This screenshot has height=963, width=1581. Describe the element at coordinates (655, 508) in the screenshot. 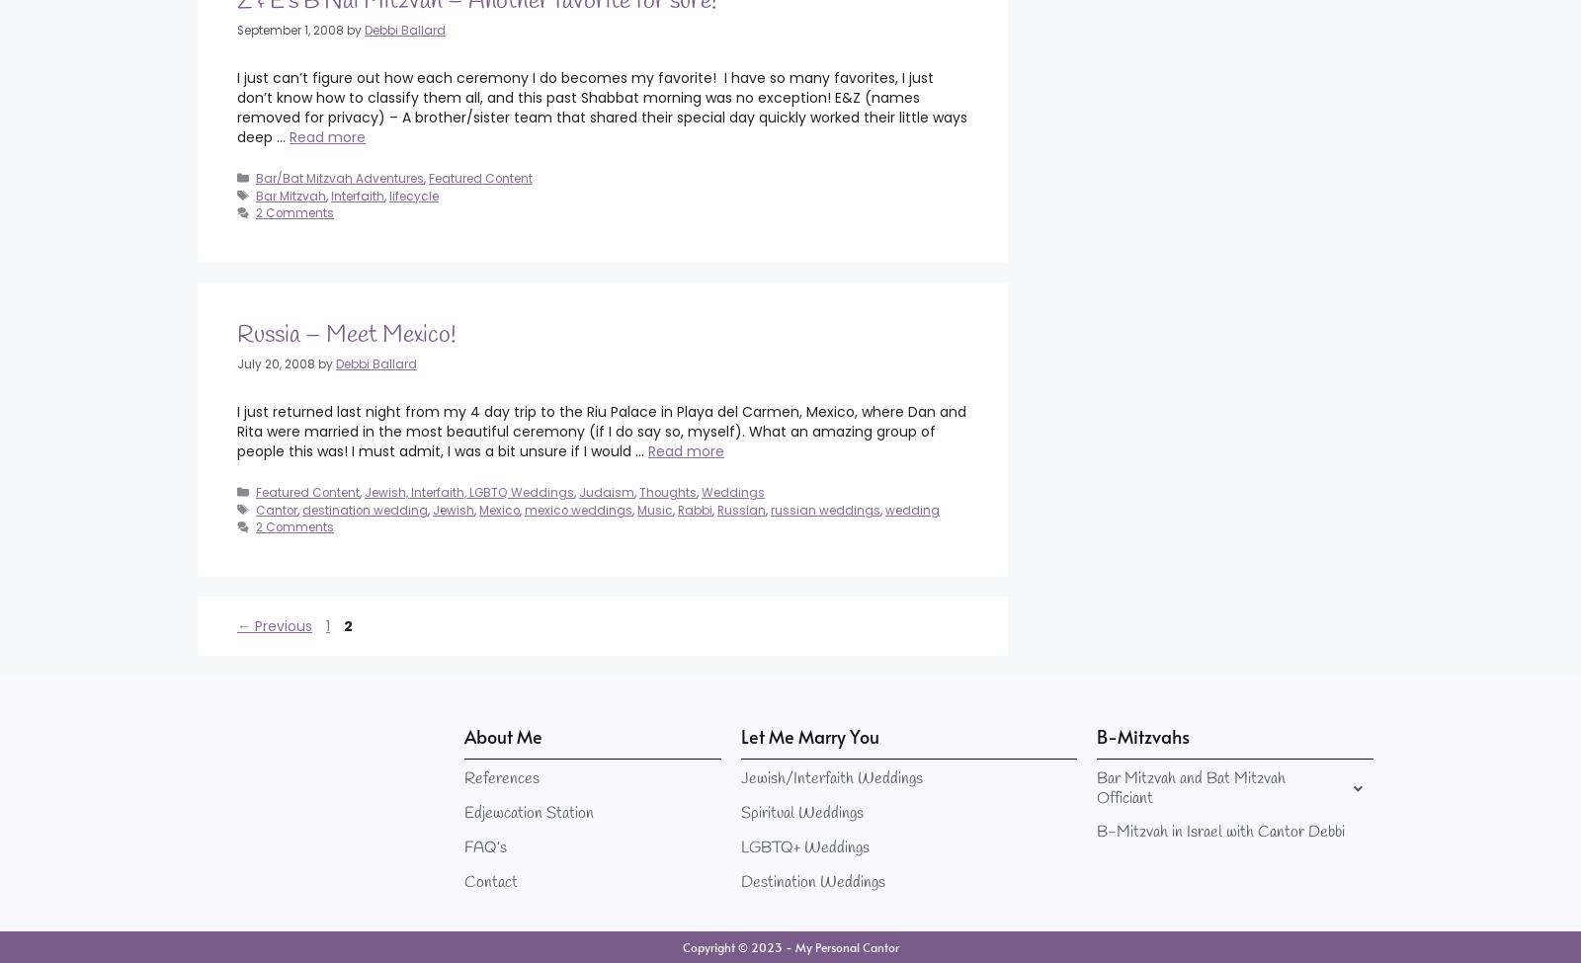

I see `'Music'` at that location.